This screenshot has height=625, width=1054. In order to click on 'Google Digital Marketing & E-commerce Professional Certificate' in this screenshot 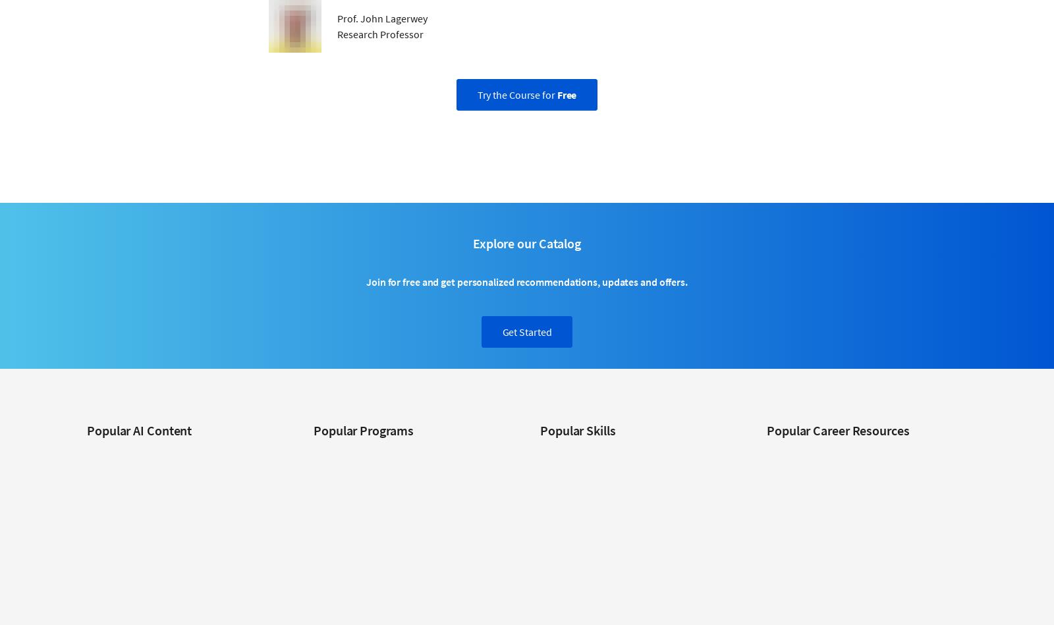, I will do `click(390, 500)`.